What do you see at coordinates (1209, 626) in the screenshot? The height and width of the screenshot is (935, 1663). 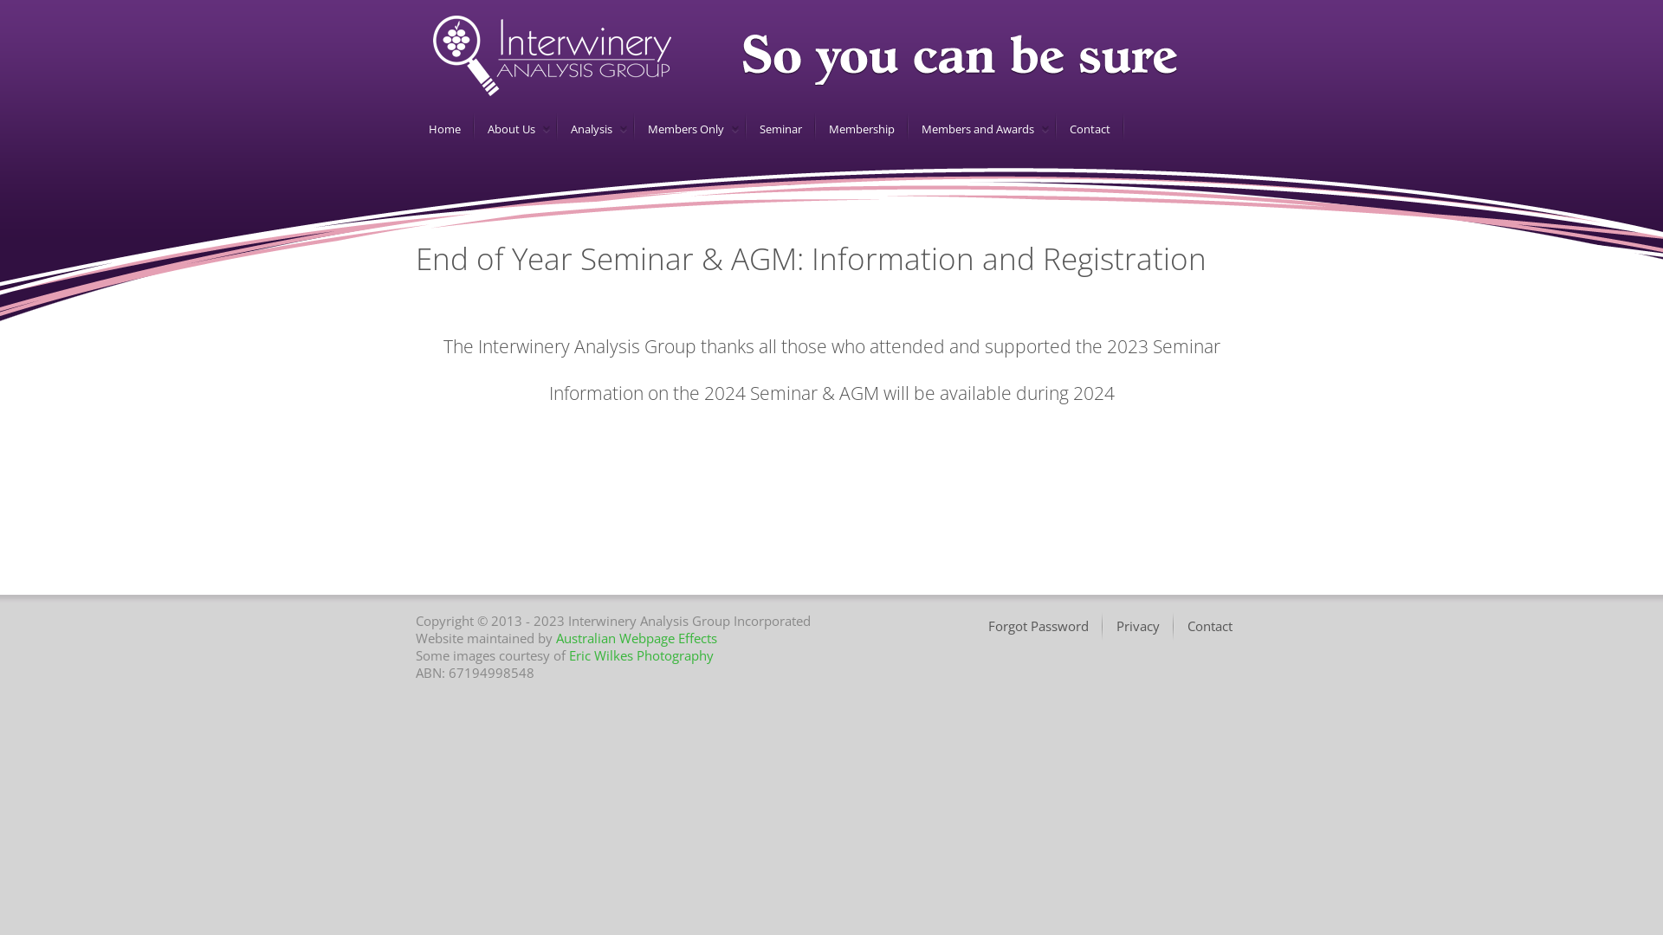 I see `'Contact'` at bounding box center [1209, 626].